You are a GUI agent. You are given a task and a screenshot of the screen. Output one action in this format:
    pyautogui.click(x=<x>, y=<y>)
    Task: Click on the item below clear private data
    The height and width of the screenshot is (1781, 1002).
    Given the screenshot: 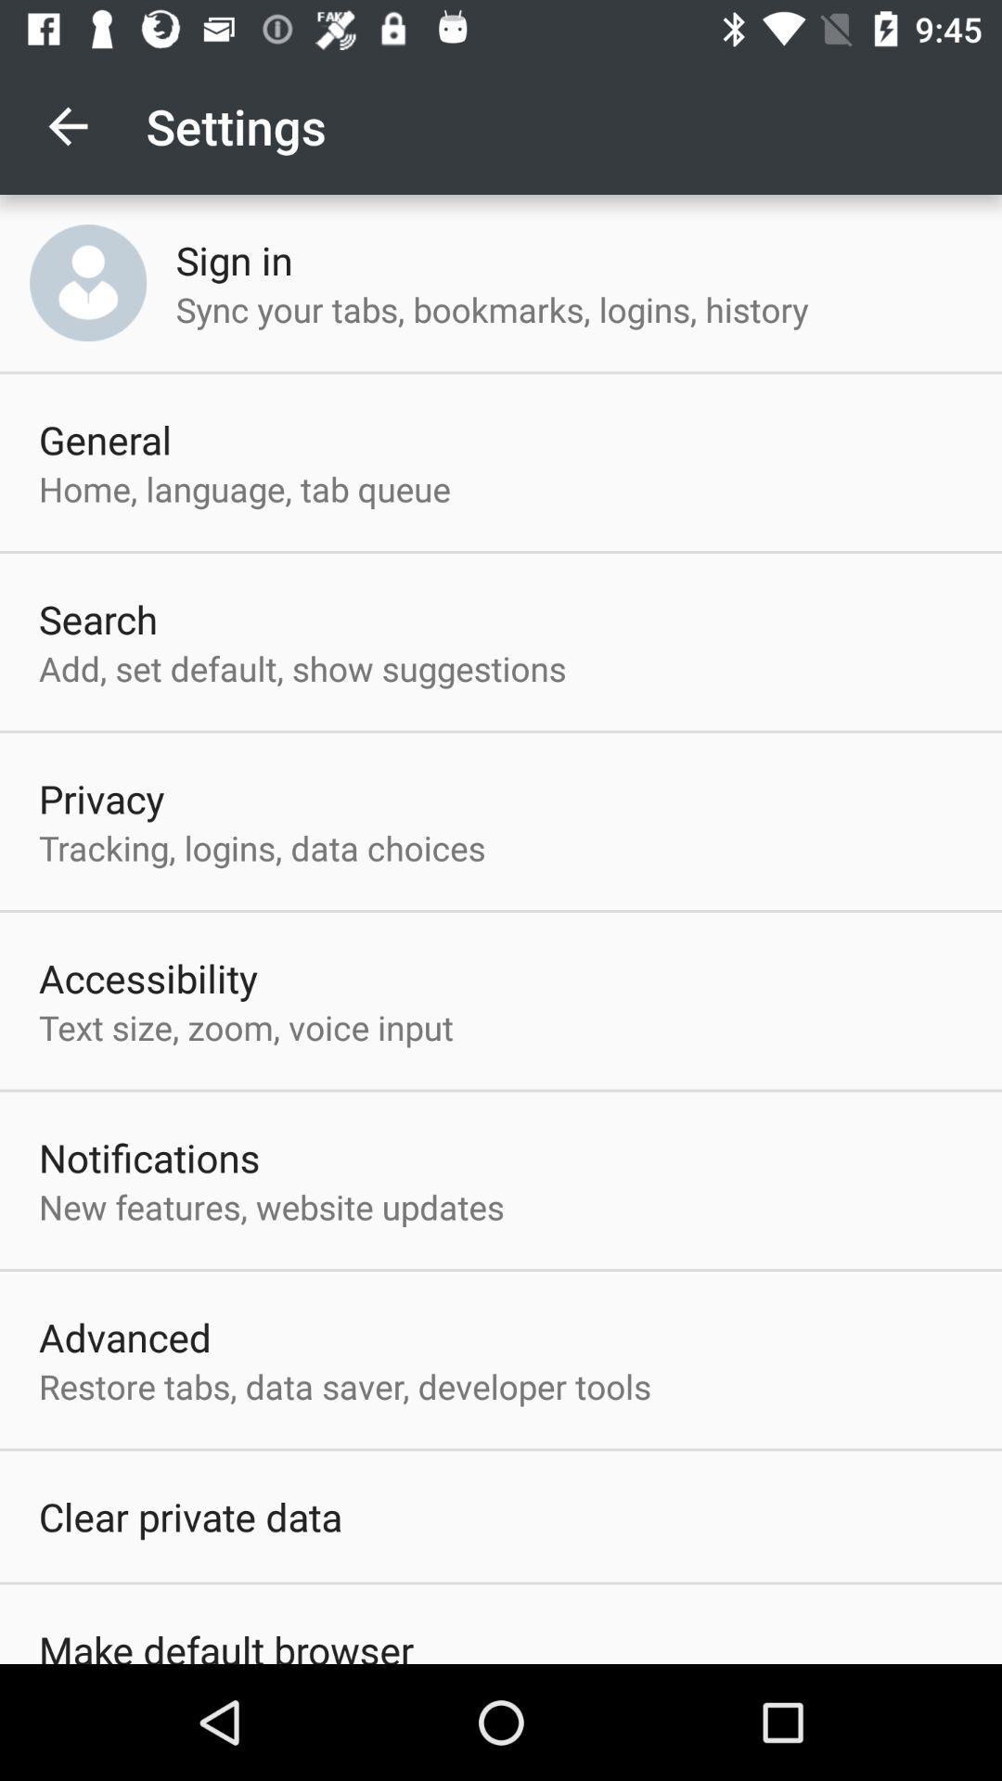 What is the action you would take?
    pyautogui.click(x=225, y=1644)
    